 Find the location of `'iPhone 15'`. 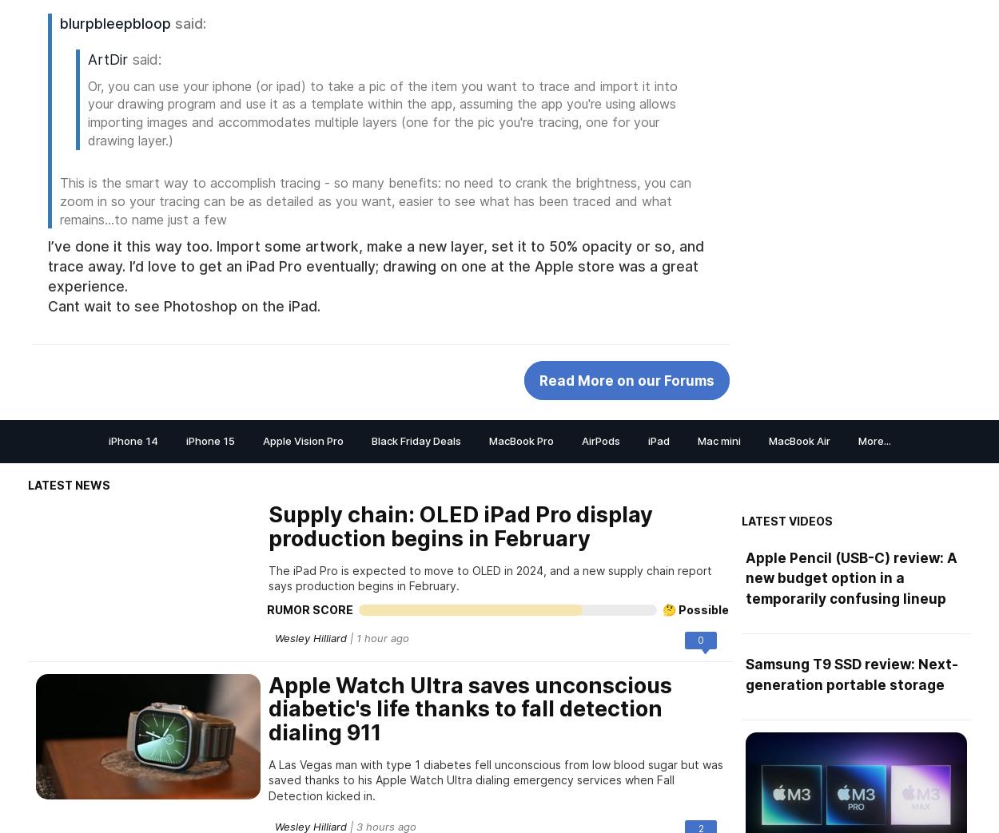

'iPhone 15' is located at coordinates (209, 440).